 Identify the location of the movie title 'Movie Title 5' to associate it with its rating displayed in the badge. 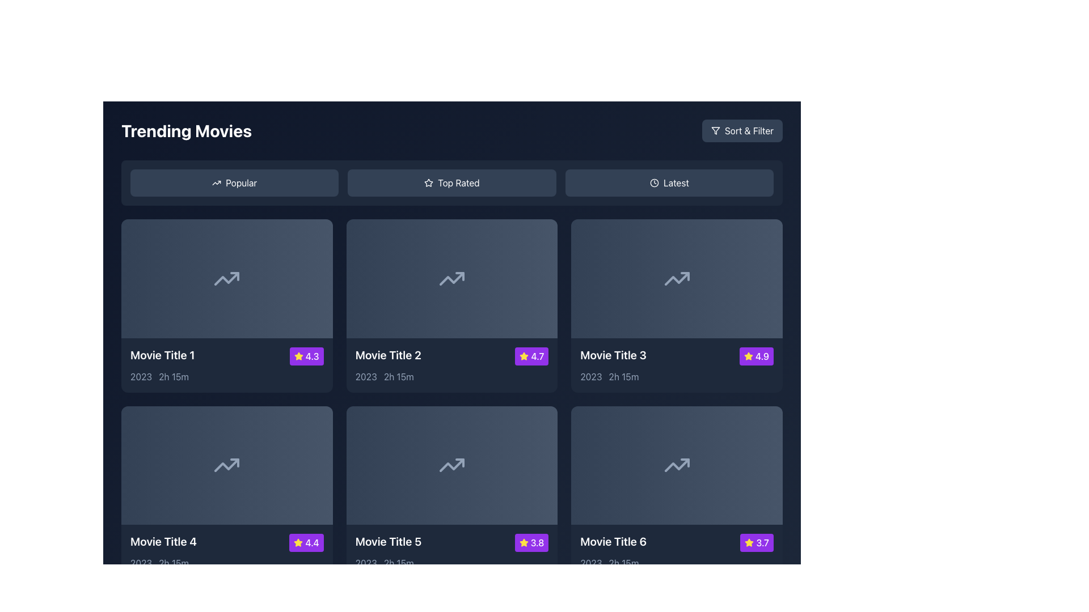
(451, 542).